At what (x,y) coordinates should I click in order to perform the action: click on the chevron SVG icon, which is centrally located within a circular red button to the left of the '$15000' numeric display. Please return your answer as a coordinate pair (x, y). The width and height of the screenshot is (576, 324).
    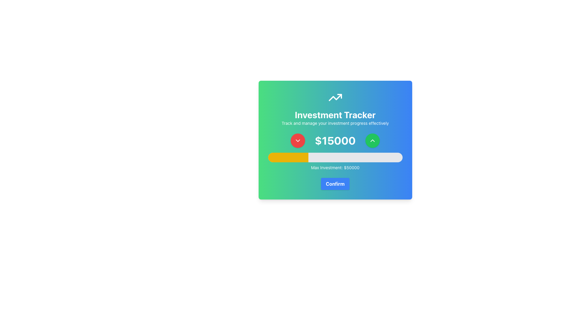
    Looking at the image, I should click on (298, 141).